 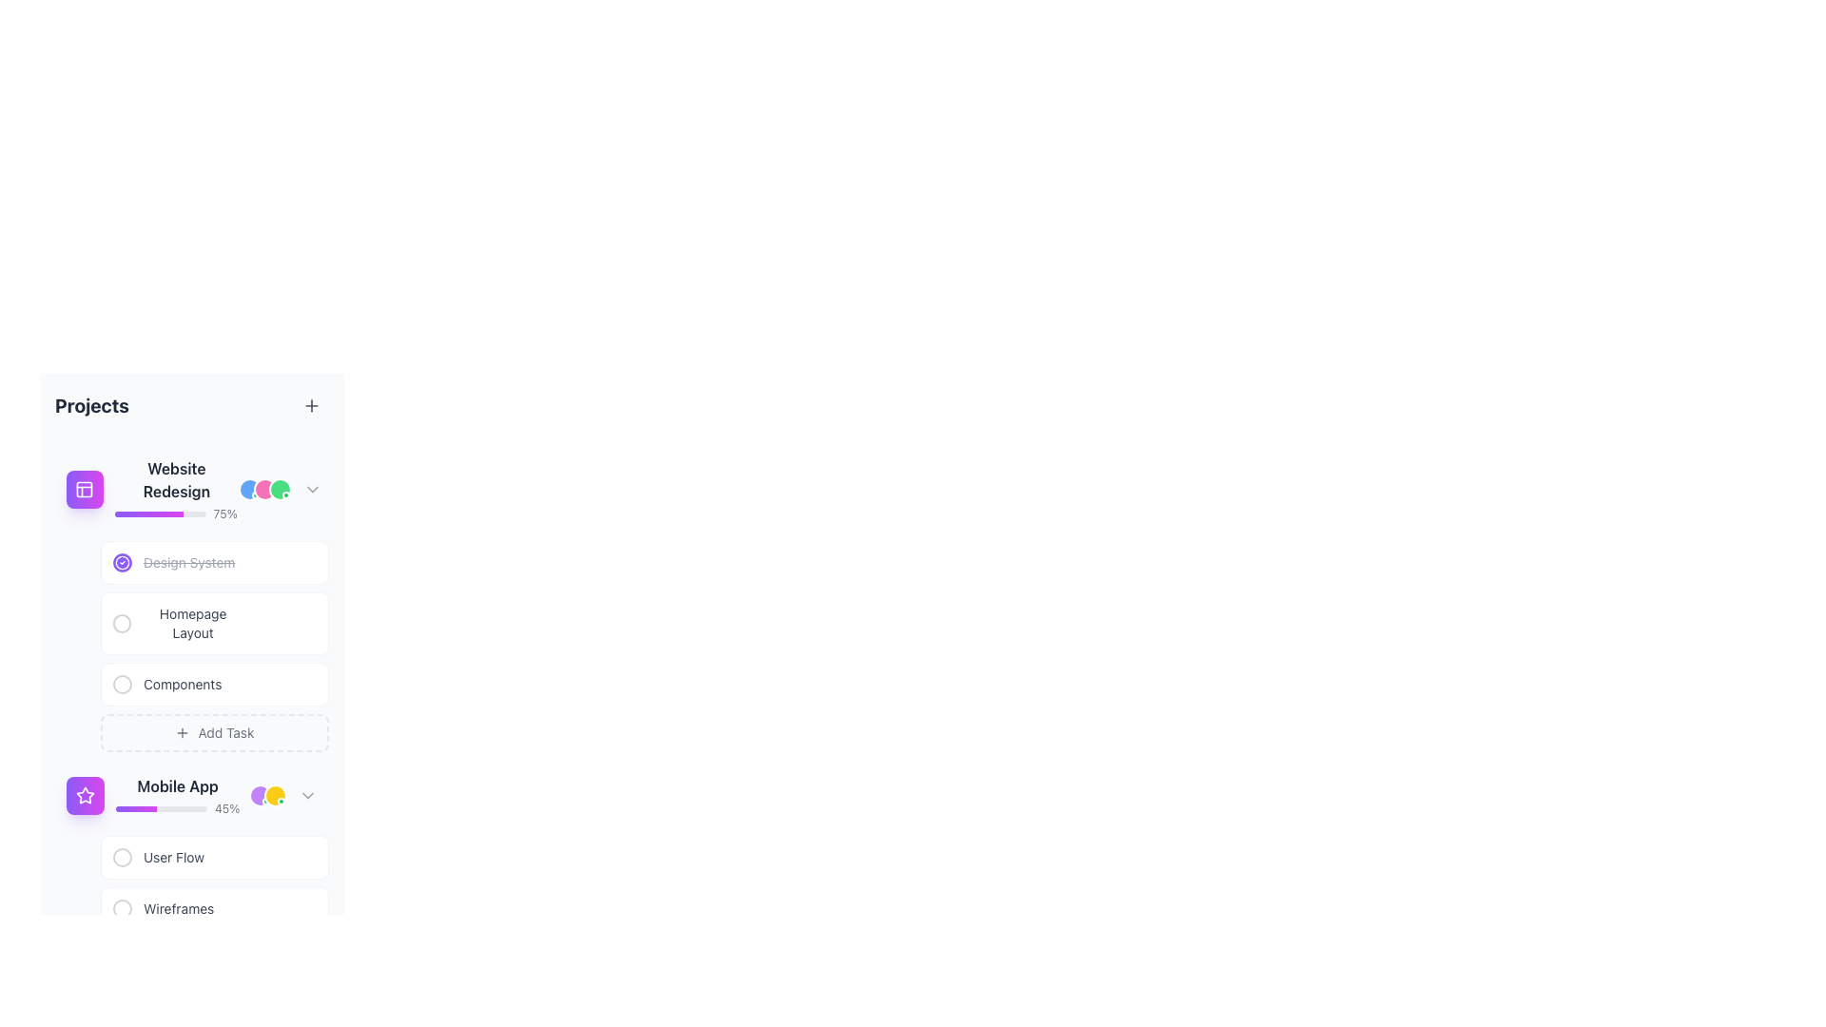 What do you see at coordinates (267, 796) in the screenshot?
I see `the Decorative graphical element showing participant icons, which consists of overlapping circular icons with a purple left circle and a yellow right circle, located in the sidebar under the project 'Mobile App'` at bounding box center [267, 796].